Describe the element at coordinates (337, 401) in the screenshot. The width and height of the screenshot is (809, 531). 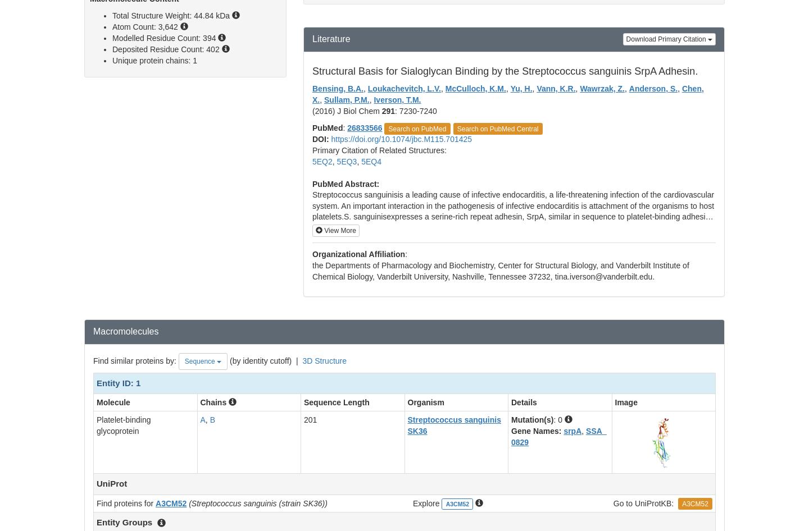
I see `'Sequence Length'` at that location.